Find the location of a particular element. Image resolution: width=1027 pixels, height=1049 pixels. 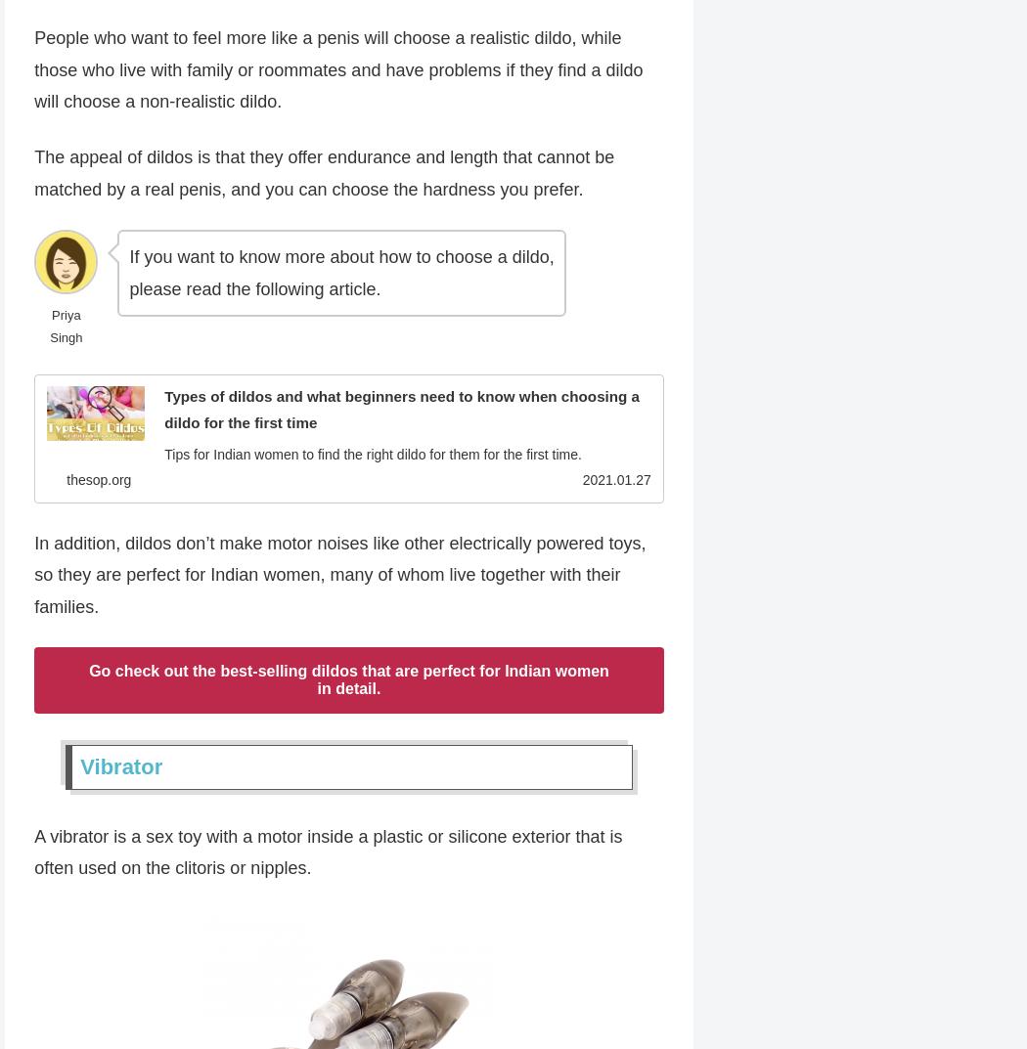

'thesop.org' is located at coordinates (99, 479).